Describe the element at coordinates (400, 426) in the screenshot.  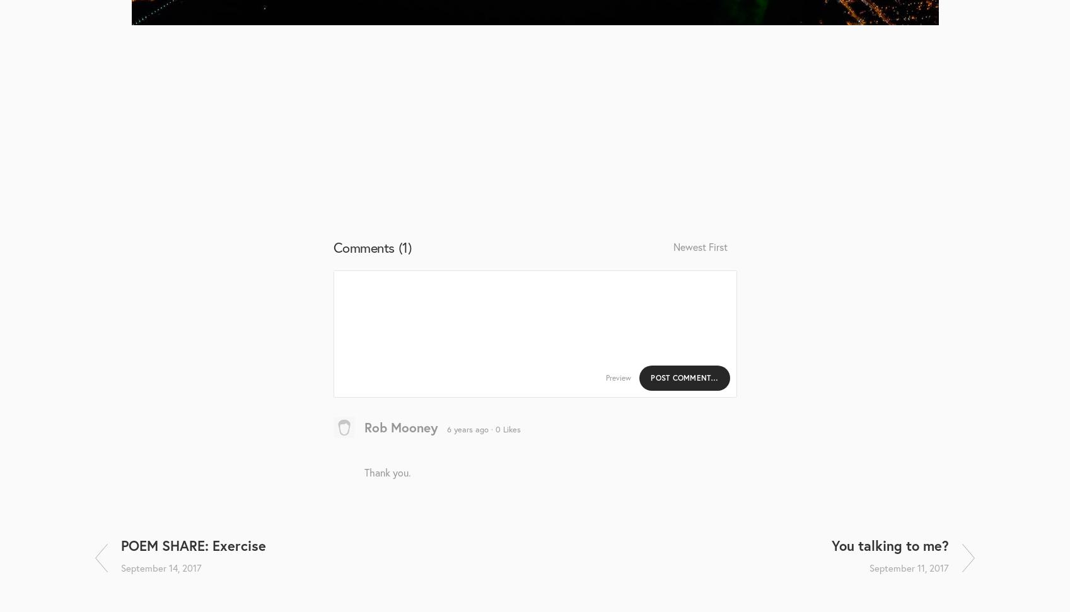
I see `'Rob Mooney'` at that location.